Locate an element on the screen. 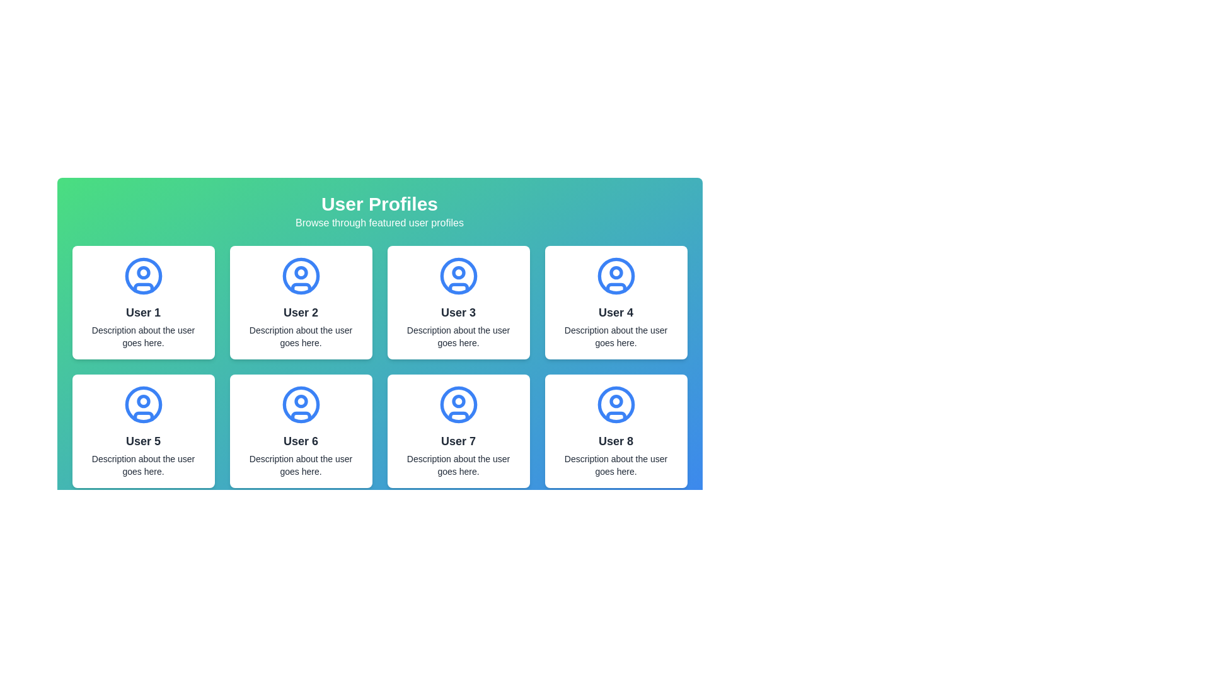 The image size is (1210, 681). the user profile icon, which is a blue silhouette encased in a circular boundary, located above the text label for 'User 7' in the bottom-left quadrant of the grid is located at coordinates (458, 404).